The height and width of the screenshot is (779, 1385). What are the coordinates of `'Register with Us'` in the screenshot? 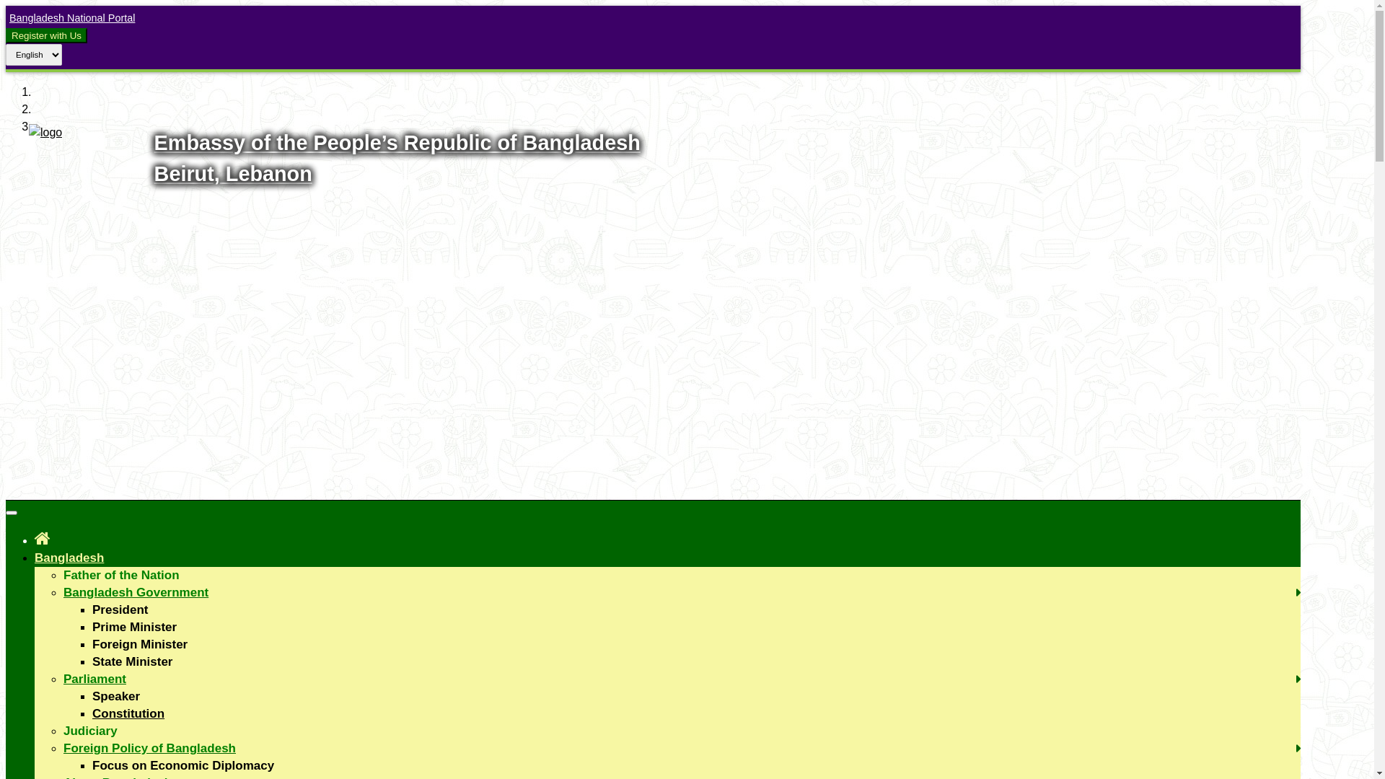 It's located at (46, 35).